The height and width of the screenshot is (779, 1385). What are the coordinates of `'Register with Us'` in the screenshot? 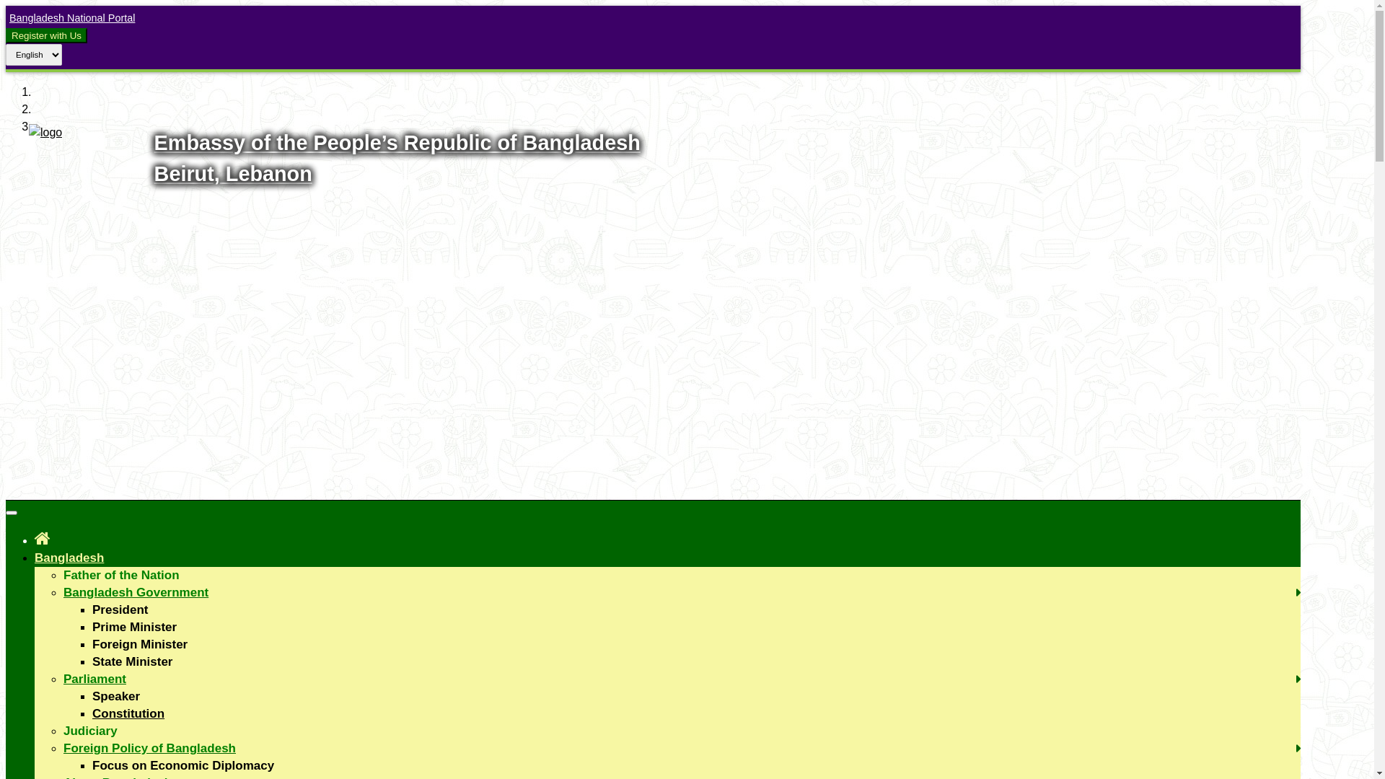 It's located at (46, 35).